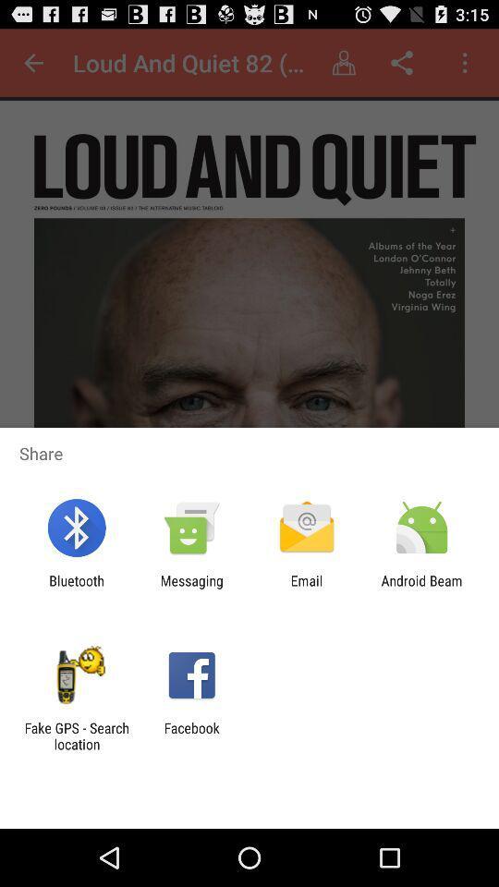 This screenshot has height=887, width=499. I want to click on the icon to the left of android beam item, so click(307, 588).